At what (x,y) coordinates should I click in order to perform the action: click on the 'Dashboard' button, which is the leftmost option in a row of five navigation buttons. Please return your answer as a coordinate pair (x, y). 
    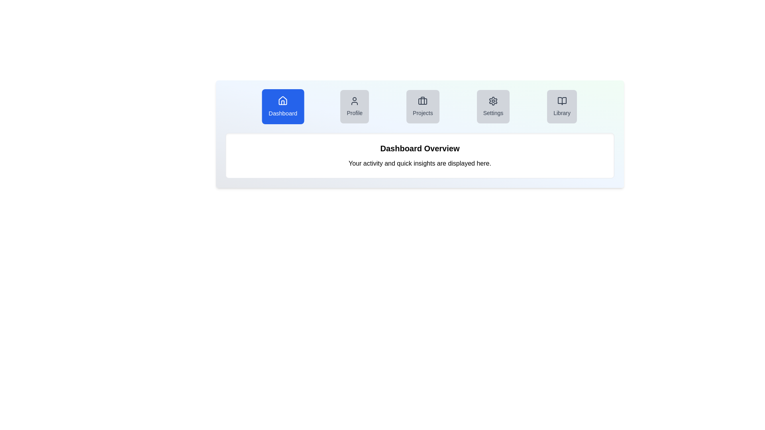
    Looking at the image, I should click on (283, 106).